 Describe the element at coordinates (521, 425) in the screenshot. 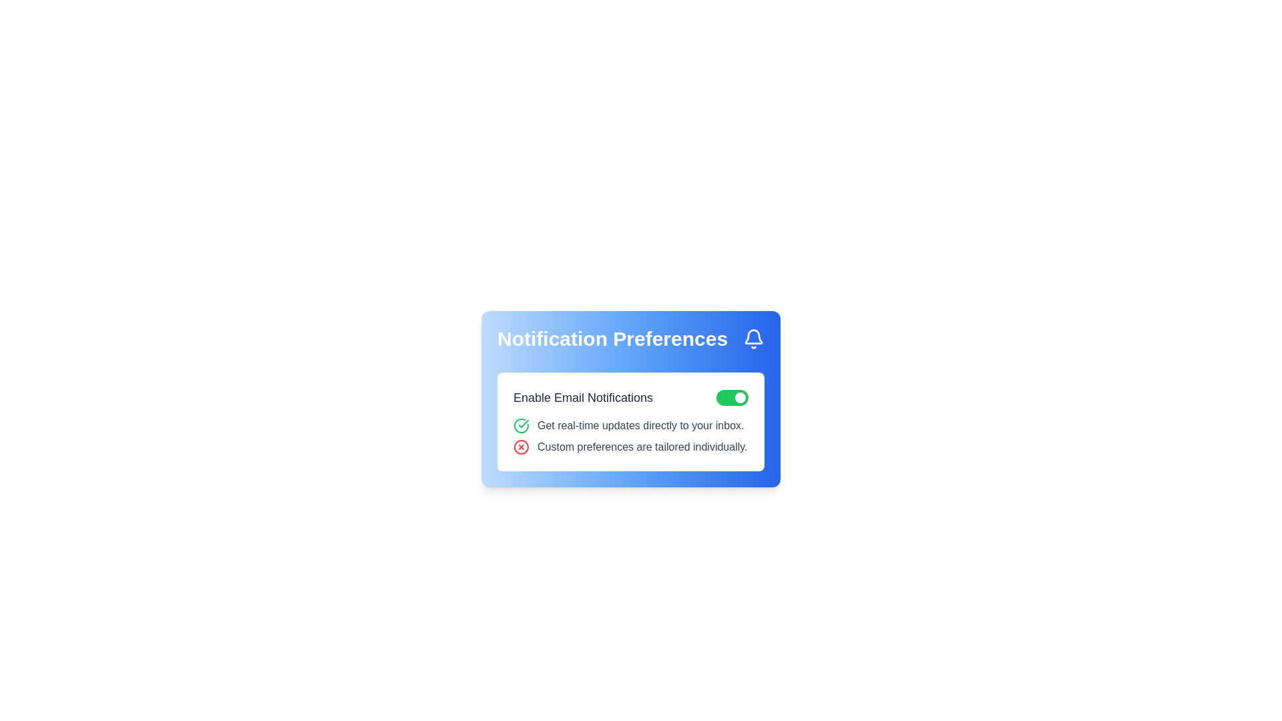

I see `the small circular segment that is part of the larger green-colored circle with a checkmark, indicating a successful outcome` at that location.